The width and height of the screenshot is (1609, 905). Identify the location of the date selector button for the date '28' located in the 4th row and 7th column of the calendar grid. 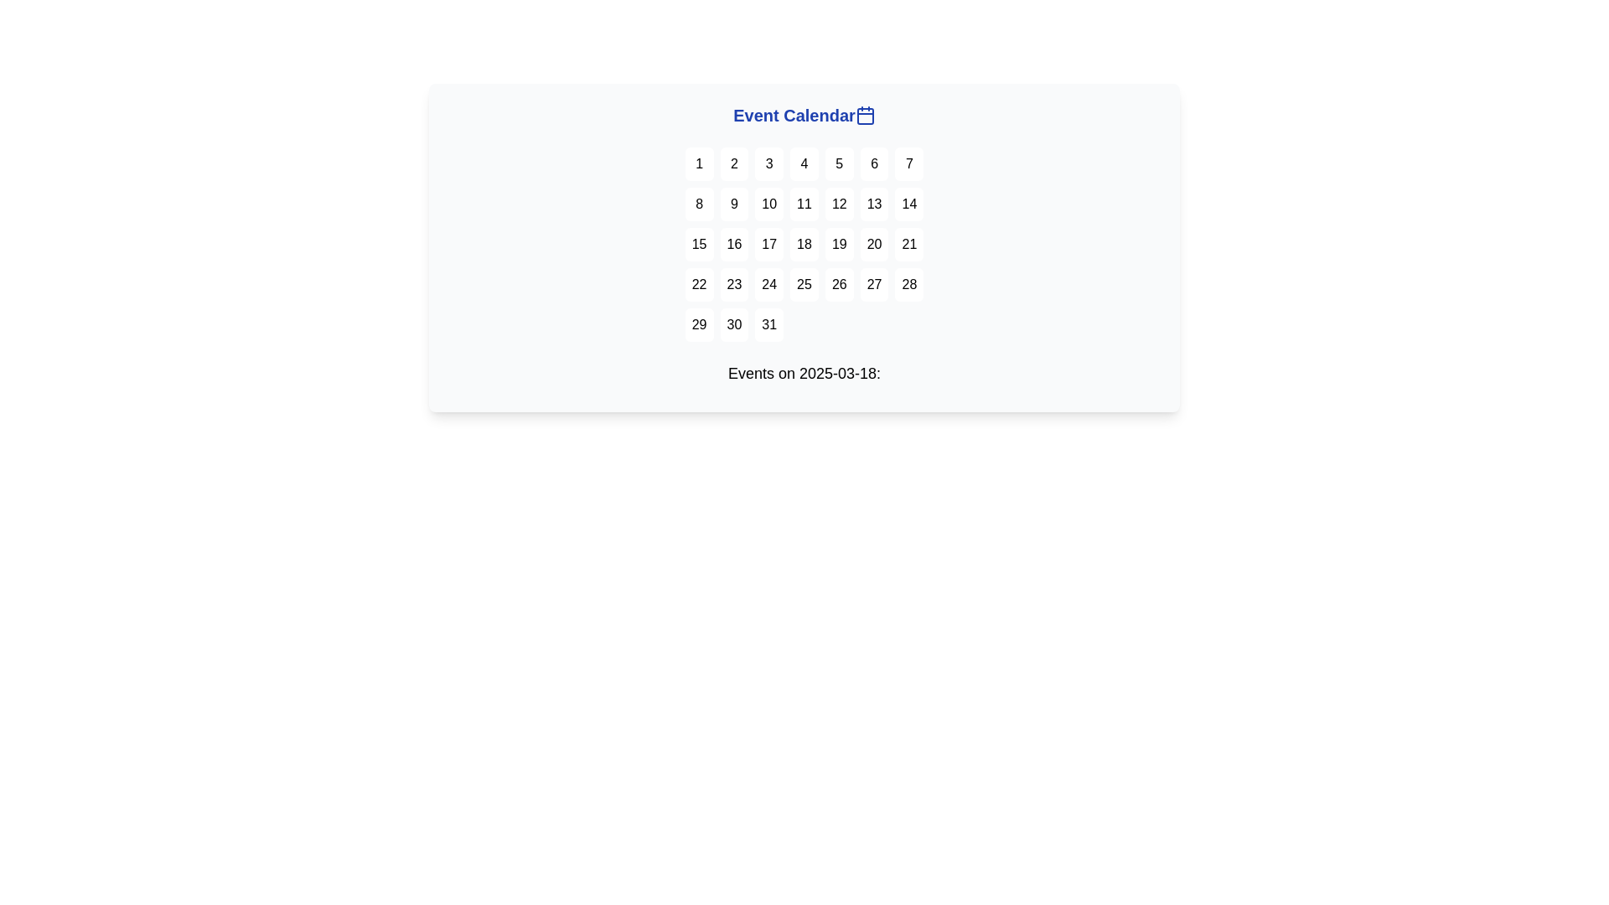
(908, 283).